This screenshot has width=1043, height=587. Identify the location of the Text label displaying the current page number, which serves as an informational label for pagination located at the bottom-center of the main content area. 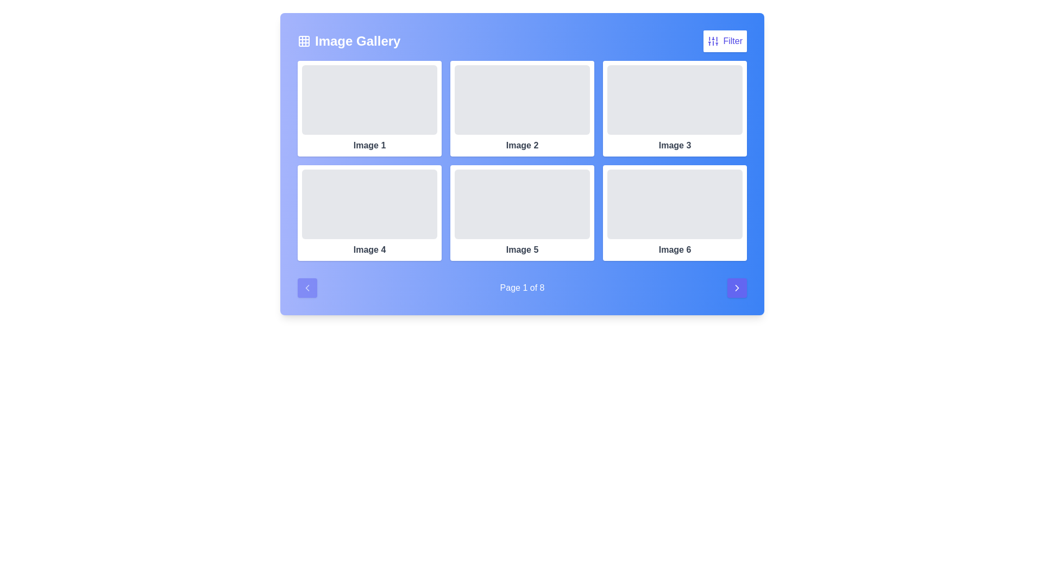
(522, 287).